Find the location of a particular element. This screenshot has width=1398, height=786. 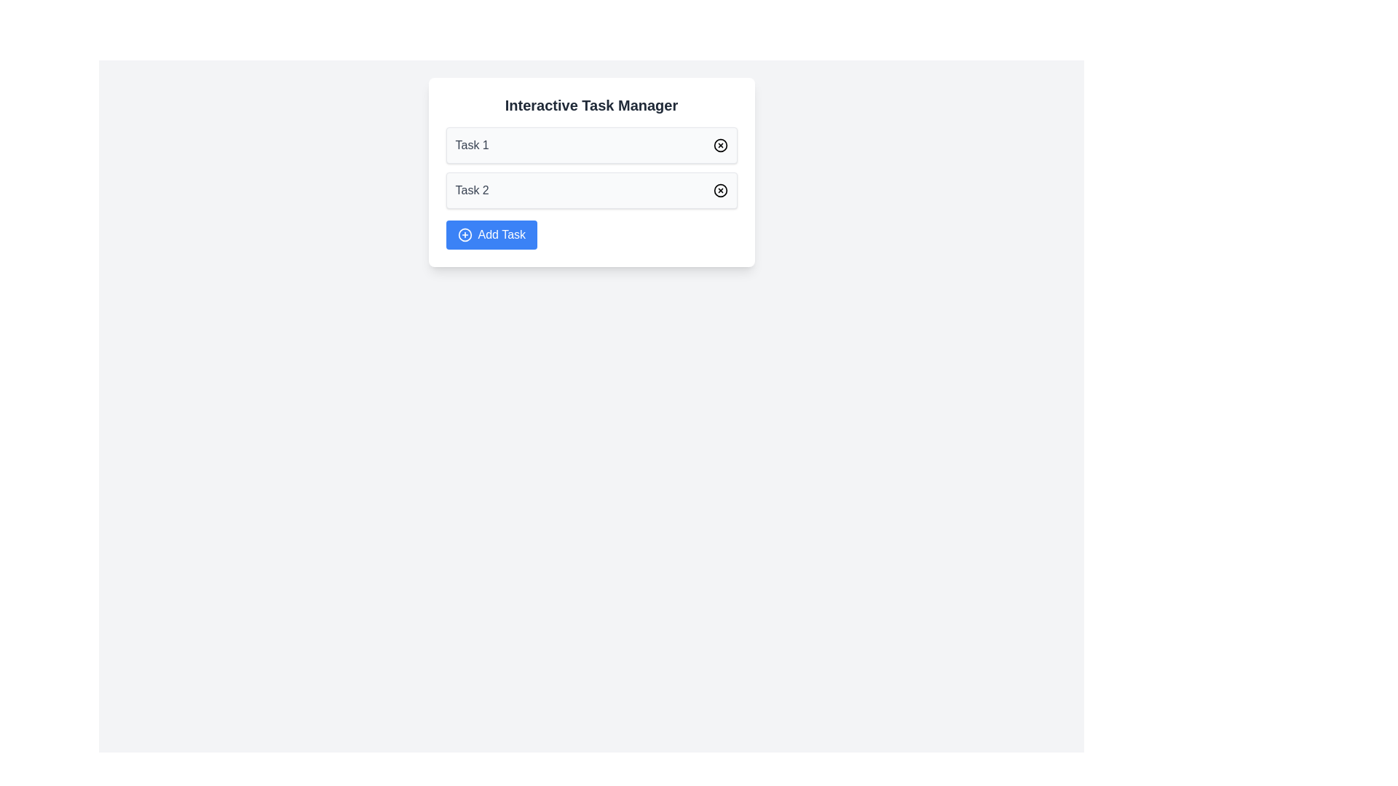

the 'Add Task' text label which is displayed in white font on a blue background, located near the center of its enclosing button, to the right of the circular '+' icon is located at coordinates (502, 234).